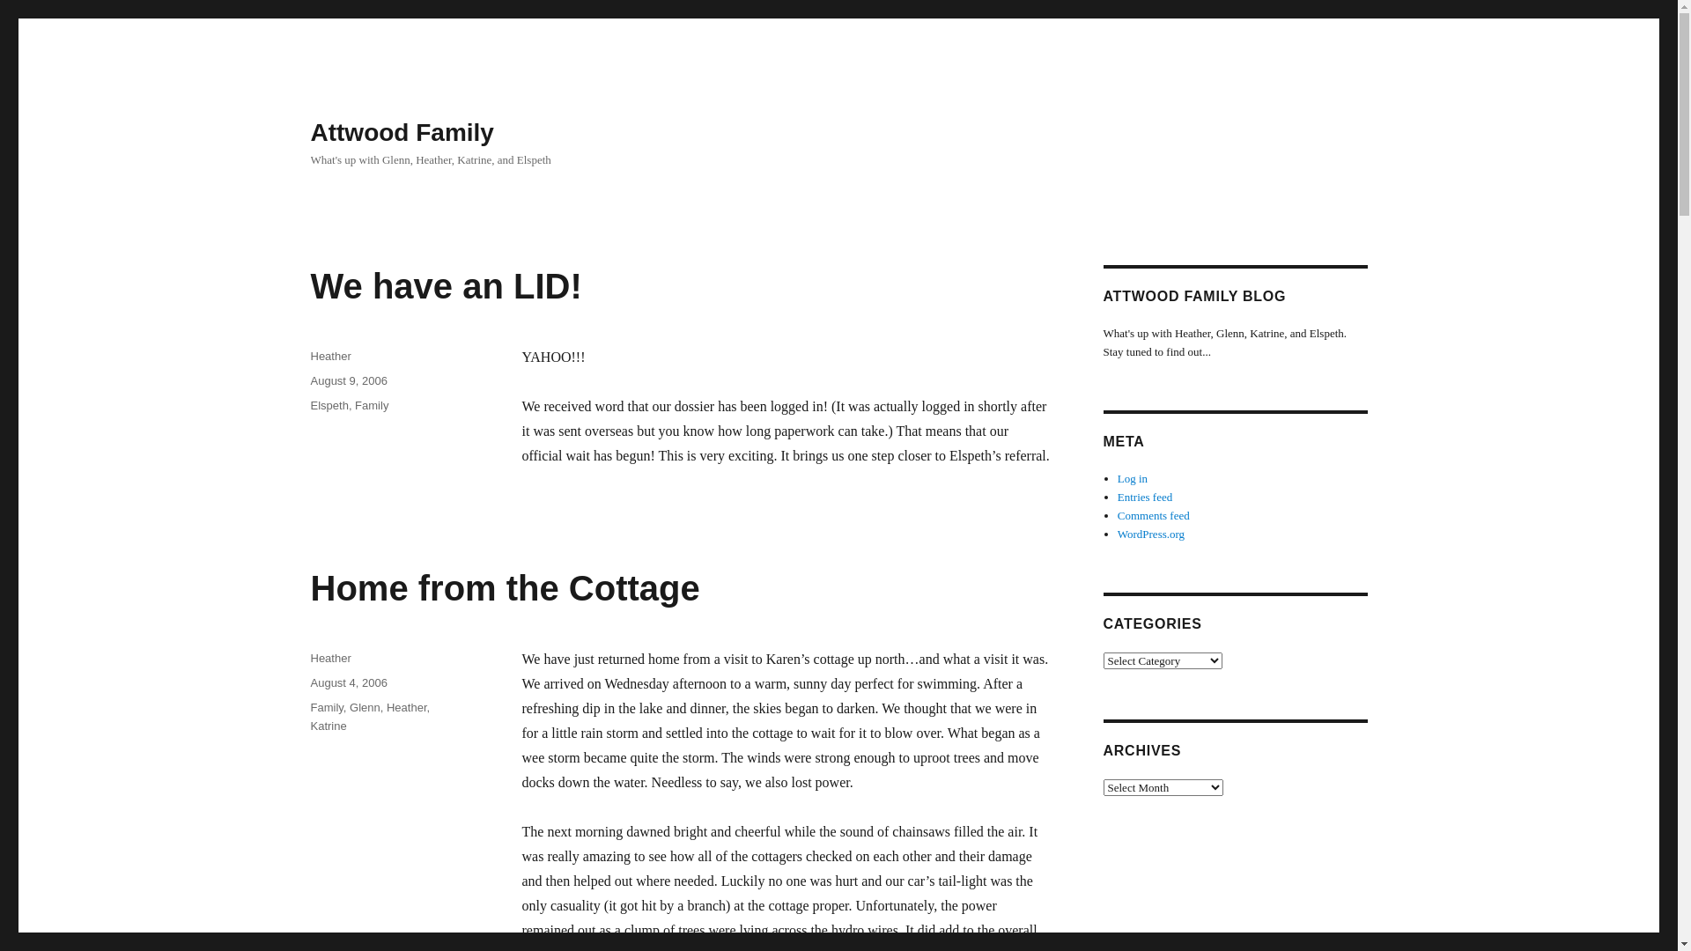  Describe the element at coordinates (1133, 478) in the screenshot. I see `'Log in'` at that location.